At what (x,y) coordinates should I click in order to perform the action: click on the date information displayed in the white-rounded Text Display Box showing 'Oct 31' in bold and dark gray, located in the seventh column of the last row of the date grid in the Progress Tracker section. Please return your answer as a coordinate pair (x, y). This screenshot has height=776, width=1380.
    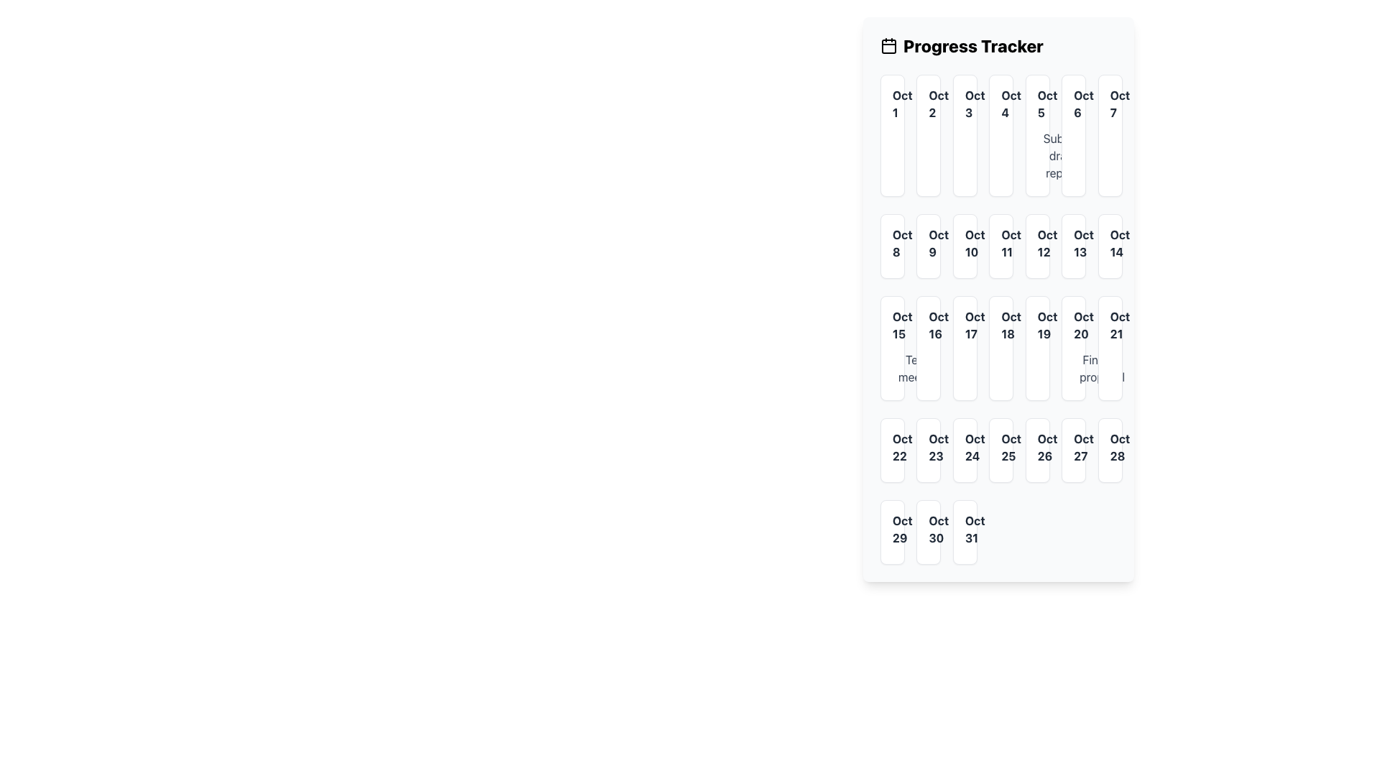
    Looking at the image, I should click on (965, 532).